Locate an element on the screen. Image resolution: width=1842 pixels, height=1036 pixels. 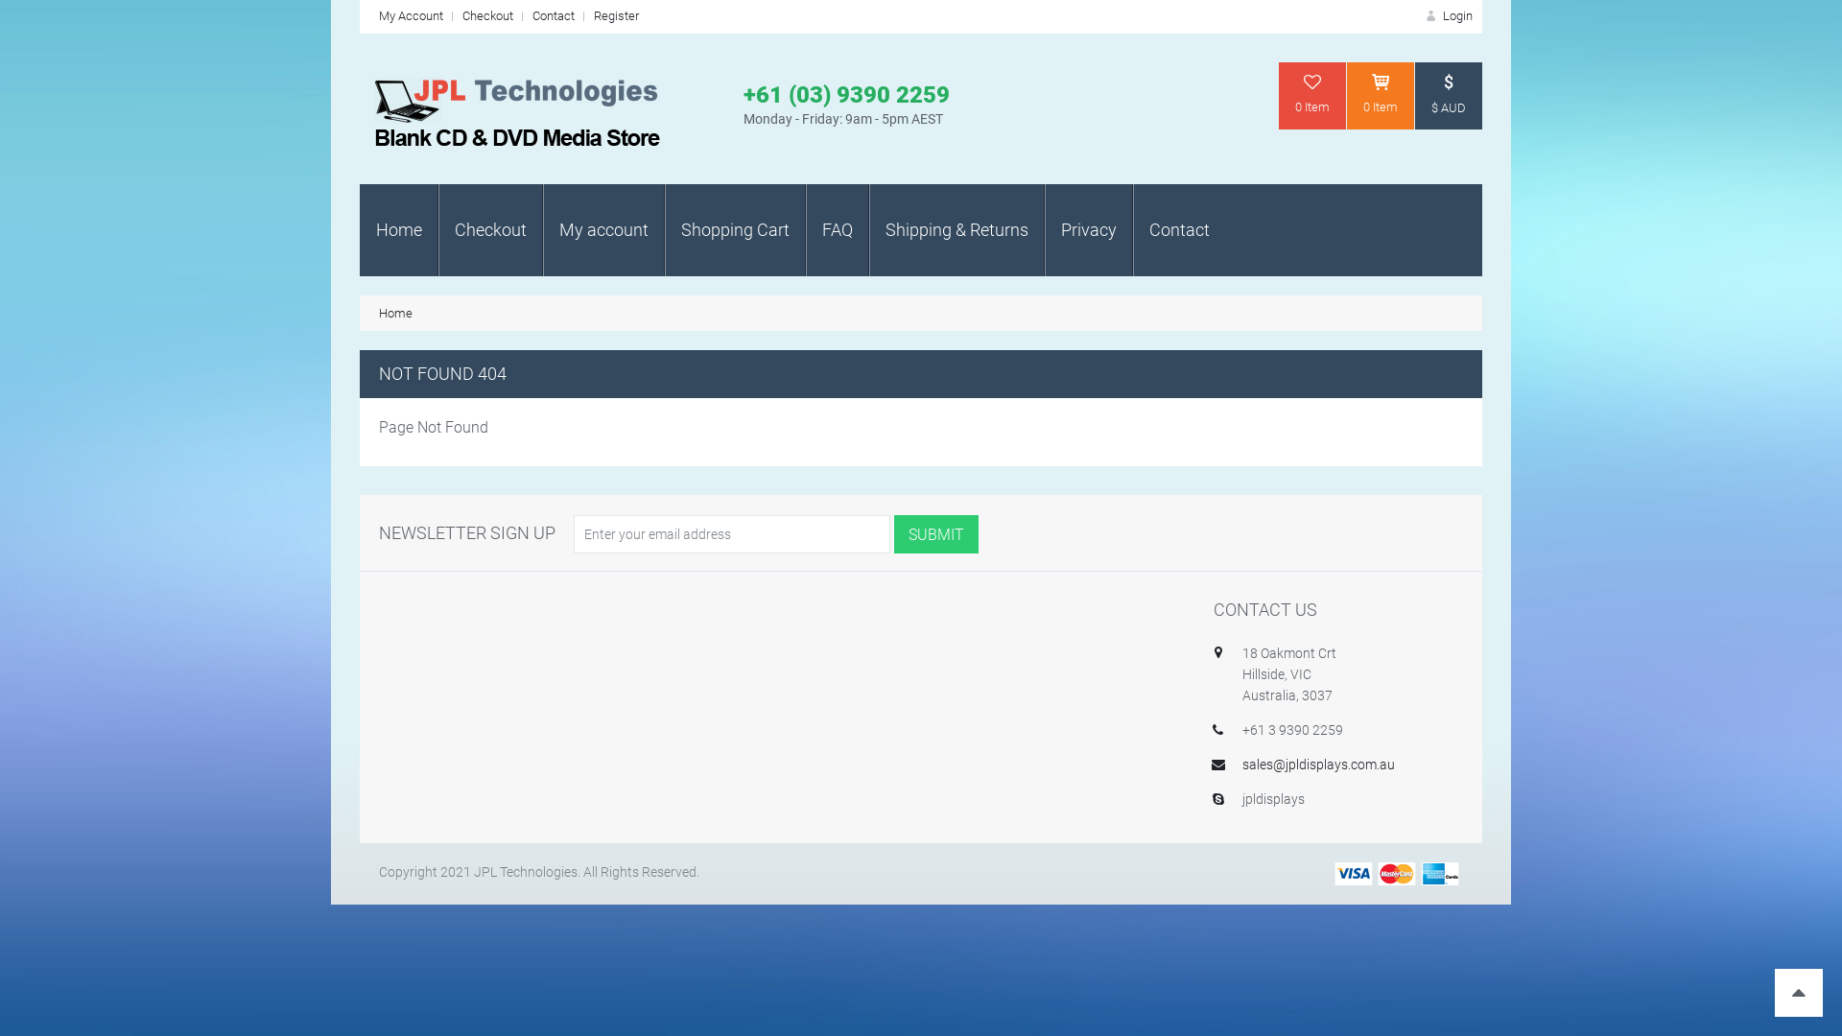
'My account' is located at coordinates (602, 228).